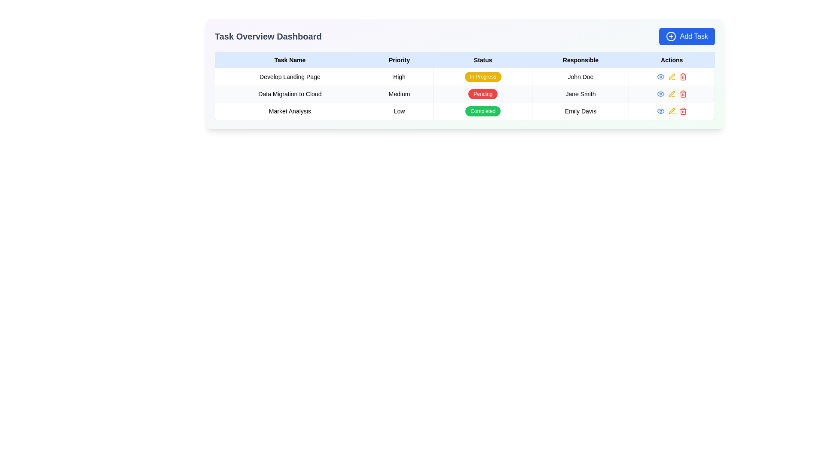  What do you see at coordinates (483, 110) in the screenshot?
I see `the pill-shaped badge with a green background and white text reading 'Completed' in the 'Status' column of the third row for the task 'Market Analysis'` at bounding box center [483, 110].